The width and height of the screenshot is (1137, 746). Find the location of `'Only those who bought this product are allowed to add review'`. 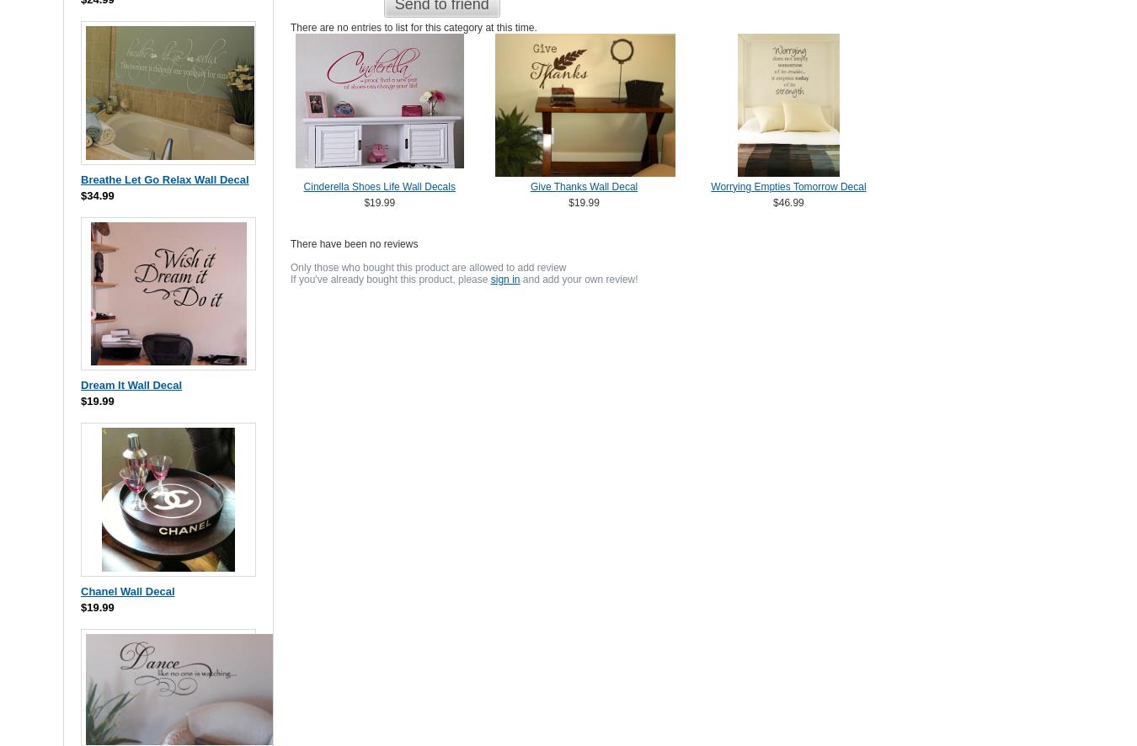

'Only those who bought this product are allowed to add review' is located at coordinates (427, 266).